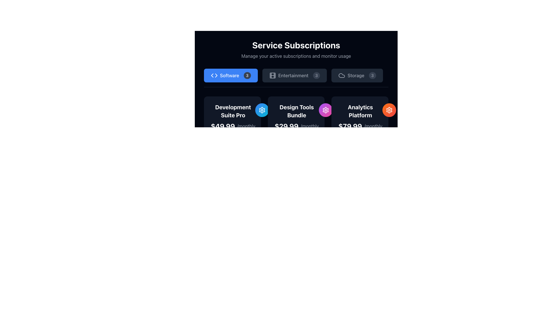 The image size is (550, 309). Describe the element at coordinates (294, 75) in the screenshot. I see `the 'Entertainment' button, which is the second button in the horizontal group beneath 'Service Subscriptions'` at that location.